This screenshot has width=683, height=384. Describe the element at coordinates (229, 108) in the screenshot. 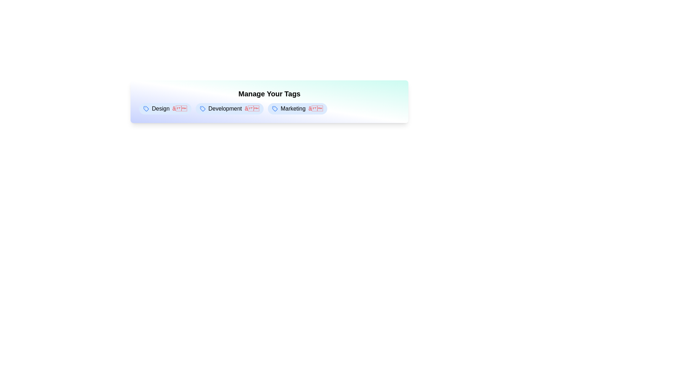

I see `the tag element labeled 'Development' to observe hover effects` at that location.